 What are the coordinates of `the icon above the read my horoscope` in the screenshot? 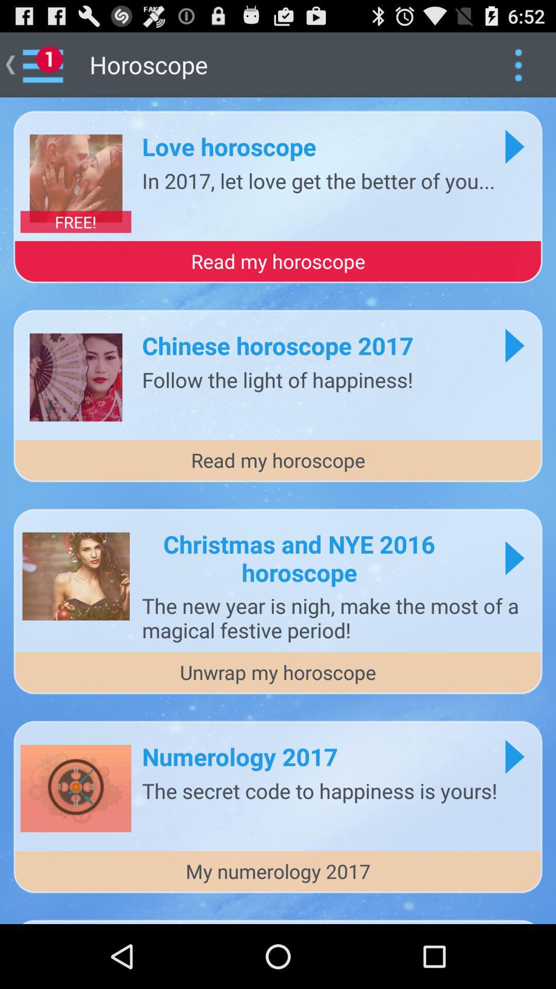 It's located at (75, 221).